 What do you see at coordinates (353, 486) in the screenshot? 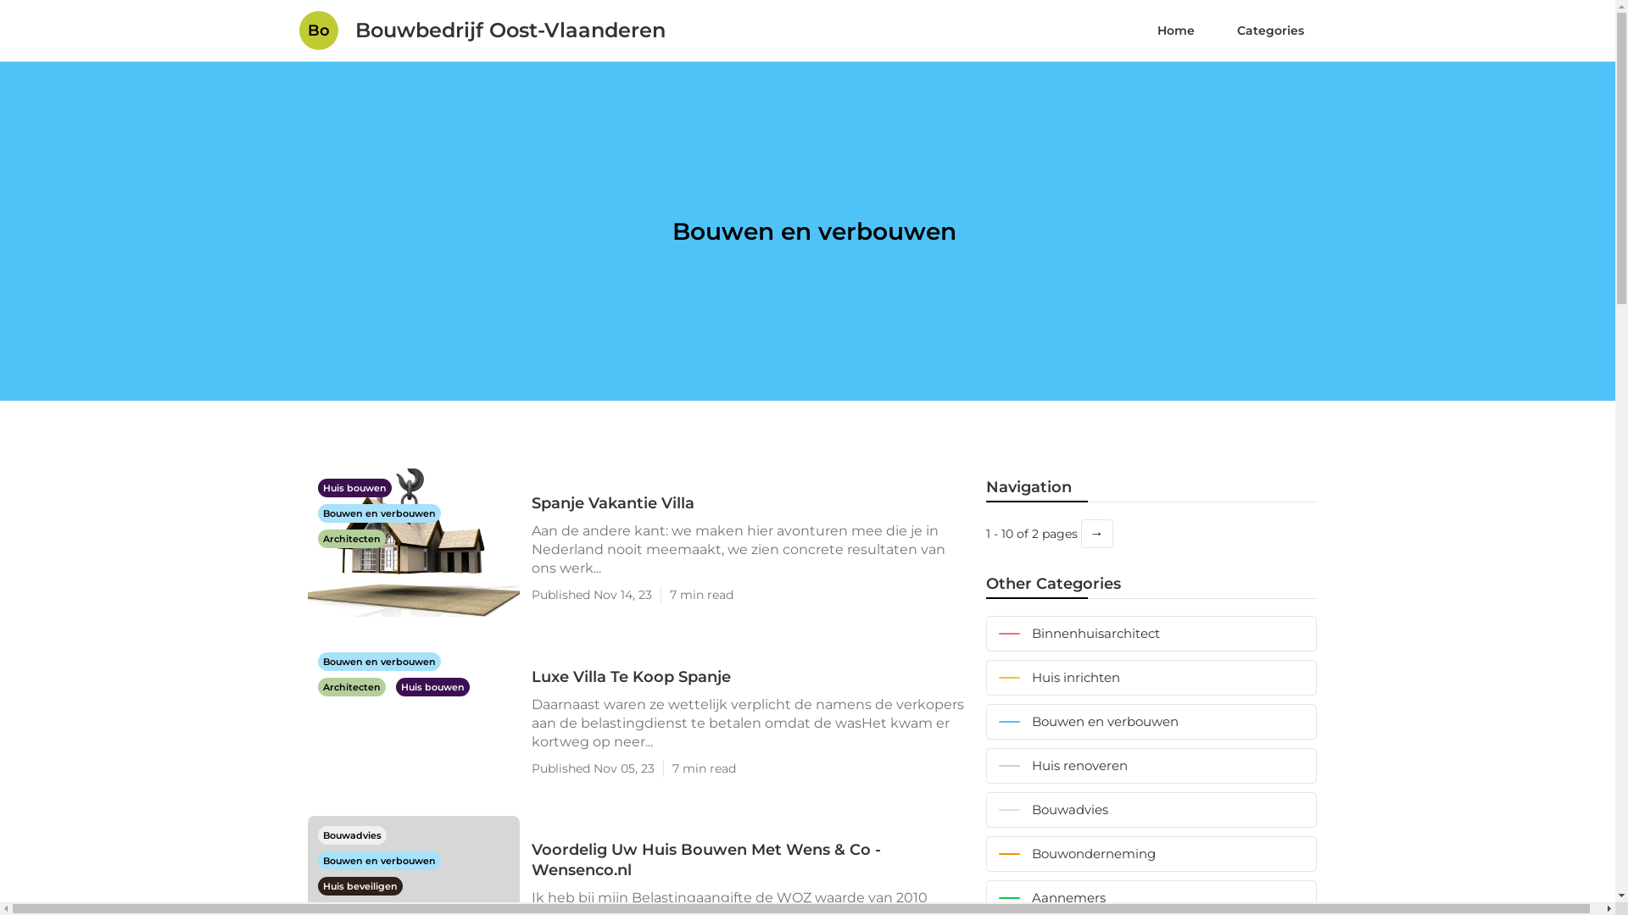
I see `'Huis bouwen'` at bounding box center [353, 486].